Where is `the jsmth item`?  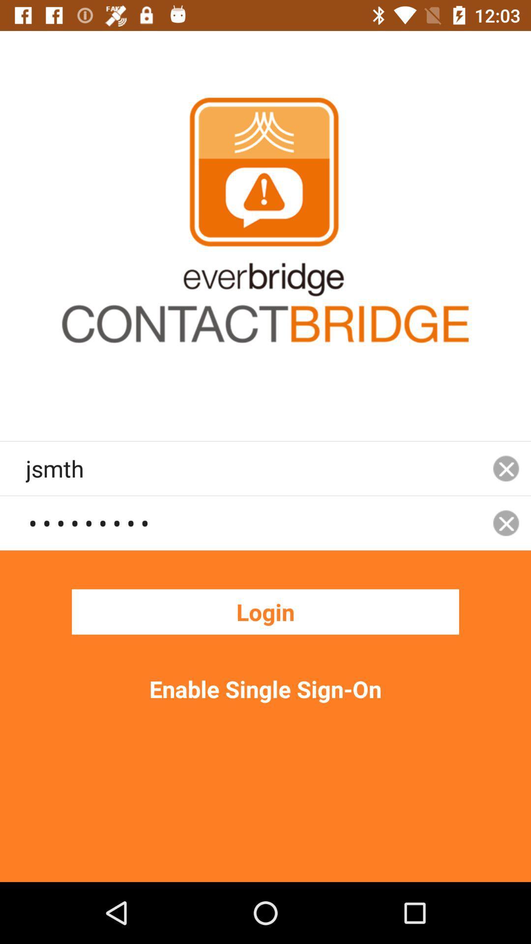
the jsmth item is located at coordinates (253, 468).